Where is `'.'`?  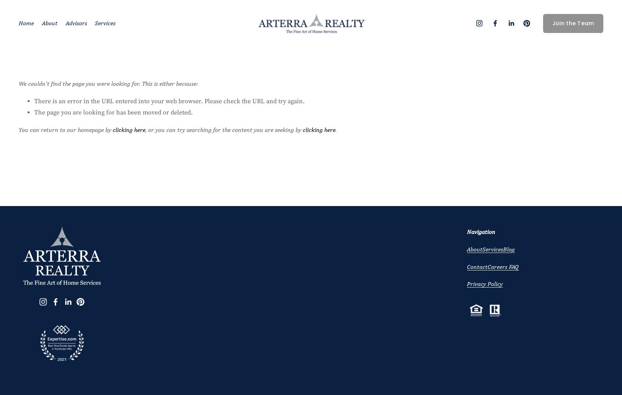 '.' is located at coordinates (335, 129).